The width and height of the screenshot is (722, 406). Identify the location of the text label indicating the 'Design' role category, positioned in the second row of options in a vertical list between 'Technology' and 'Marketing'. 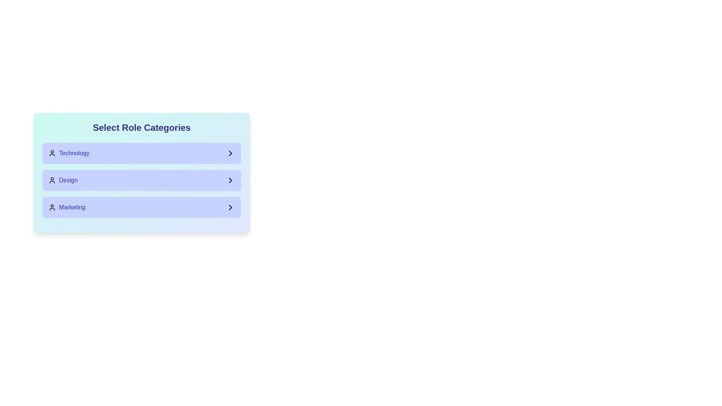
(63, 180).